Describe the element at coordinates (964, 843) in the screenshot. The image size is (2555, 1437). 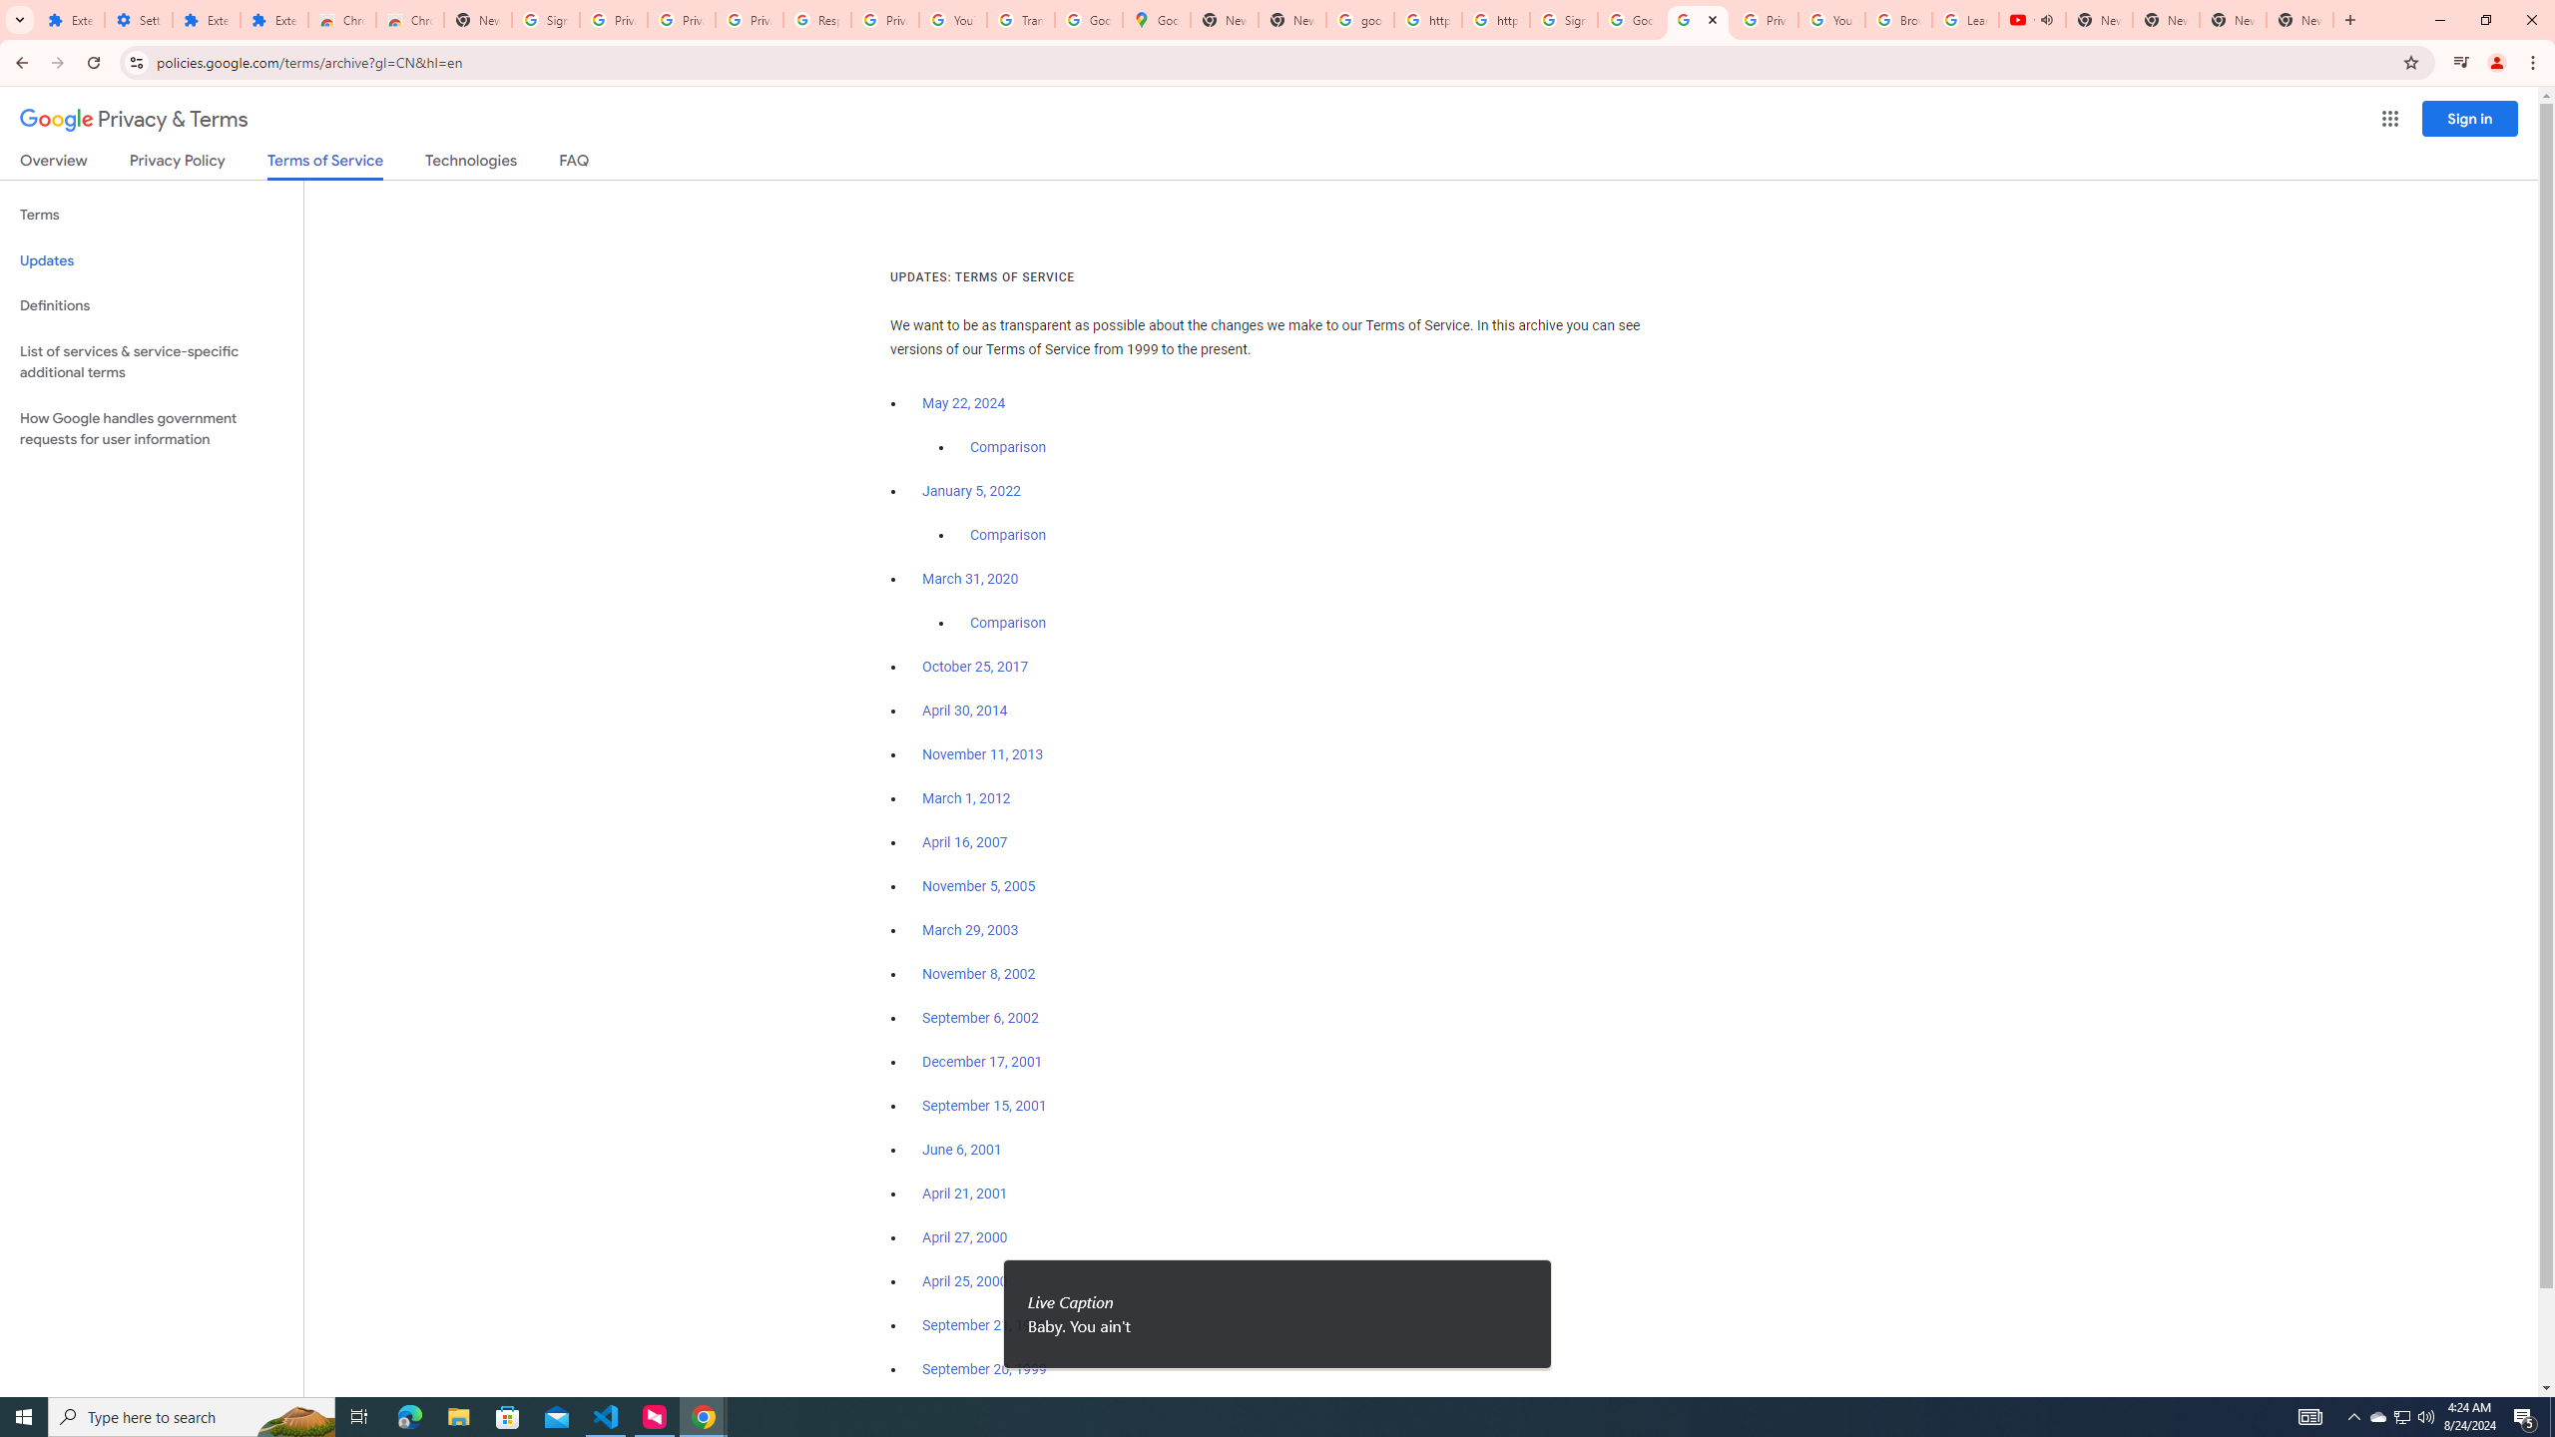
I see `'April 16, 2007'` at that location.